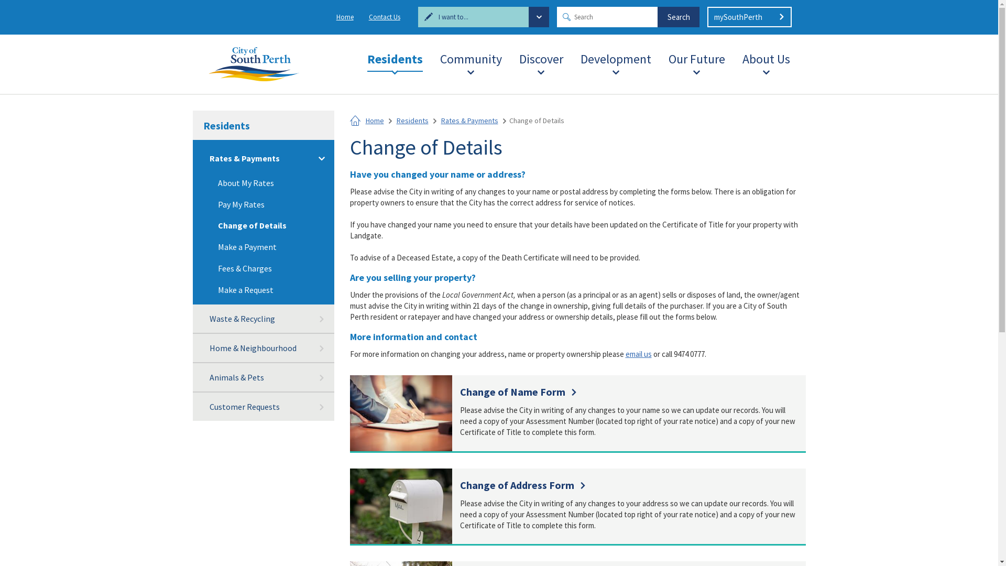 The width and height of the screenshot is (1006, 566). Describe the element at coordinates (345, 17) in the screenshot. I see `'Home'` at that location.